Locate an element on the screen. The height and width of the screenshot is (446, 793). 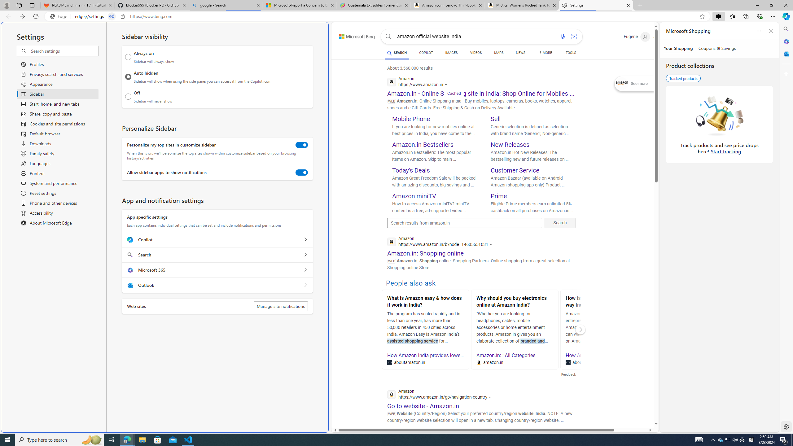
'MAPS' is located at coordinates (499, 52).